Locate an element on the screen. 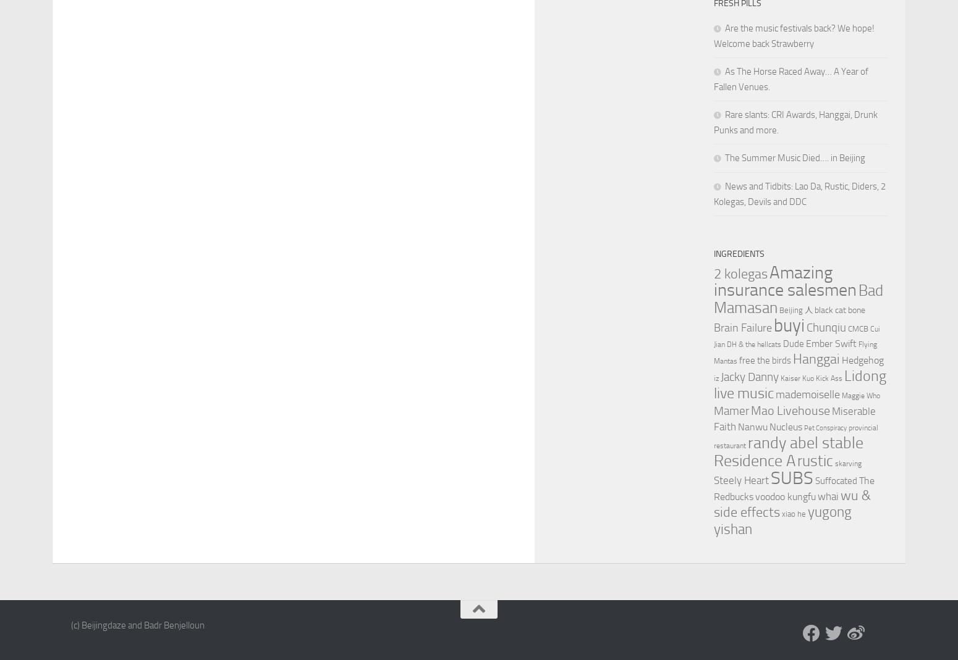 The width and height of the screenshot is (958, 660). 'As The Horse Raced Away… A Year of Fallen Venues.' is located at coordinates (790, 79).